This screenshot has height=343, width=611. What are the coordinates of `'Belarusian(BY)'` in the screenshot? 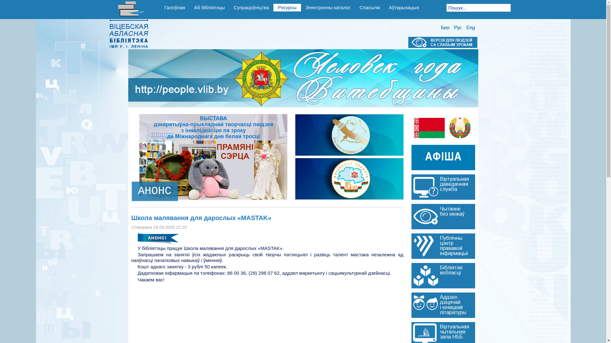 It's located at (444, 28).